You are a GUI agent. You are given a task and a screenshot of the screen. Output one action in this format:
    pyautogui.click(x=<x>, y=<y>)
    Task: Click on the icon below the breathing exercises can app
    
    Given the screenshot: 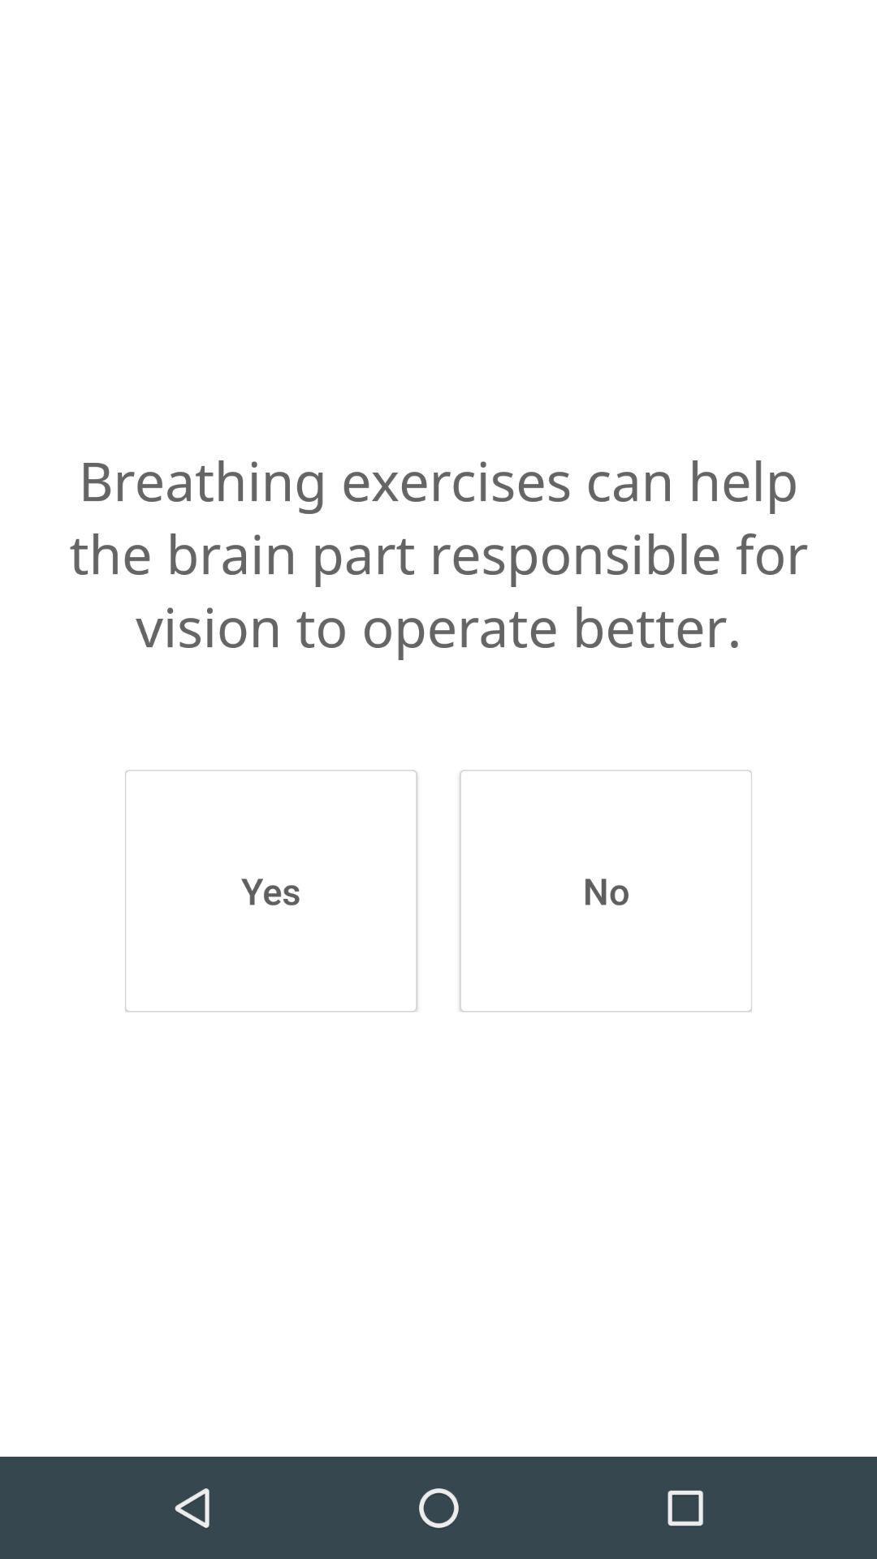 What is the action you would take?
    pyautogui.click(x=270, y=890)
    